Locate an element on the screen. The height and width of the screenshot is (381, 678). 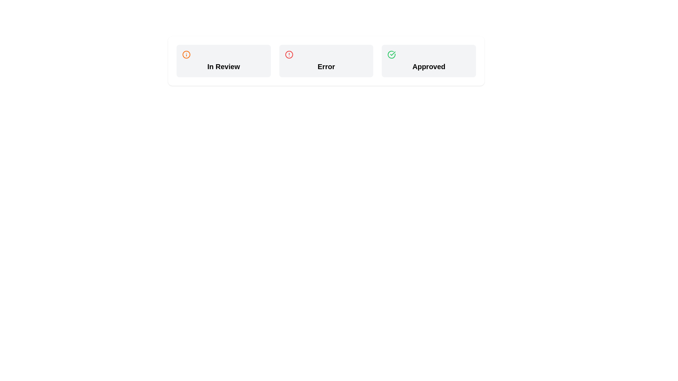
the informational icon that signifies the 'In Review' state, located at the start of the 'In Review' section above the corresponding text is located at coordinates (186, 54).